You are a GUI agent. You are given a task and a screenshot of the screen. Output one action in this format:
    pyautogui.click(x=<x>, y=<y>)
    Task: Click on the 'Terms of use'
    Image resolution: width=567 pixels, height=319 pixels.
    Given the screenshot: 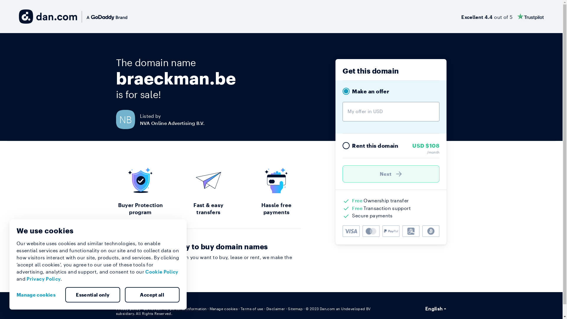 What is the action you would take?
    pyautogui.click(x=241, y=308)
    